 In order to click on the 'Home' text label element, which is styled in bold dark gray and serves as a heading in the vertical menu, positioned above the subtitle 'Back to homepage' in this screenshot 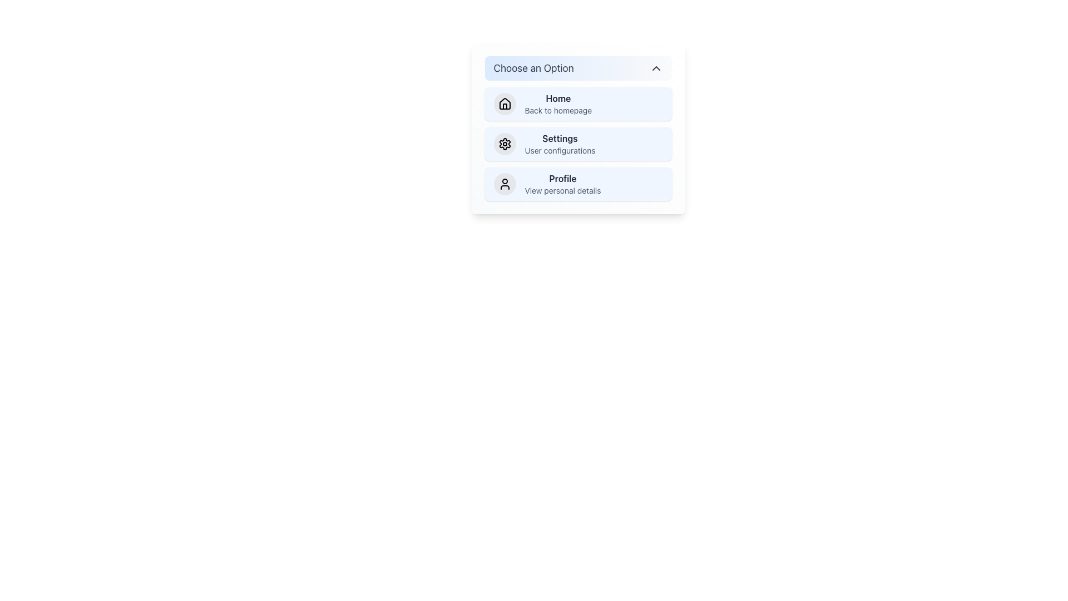, I will do `click(558, 98)`.